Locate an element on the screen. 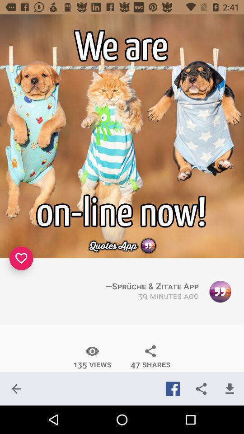 The height and width of the screenshot is (434, 244). the item to the right of the 135 views item is located at coordinates (150, 357).